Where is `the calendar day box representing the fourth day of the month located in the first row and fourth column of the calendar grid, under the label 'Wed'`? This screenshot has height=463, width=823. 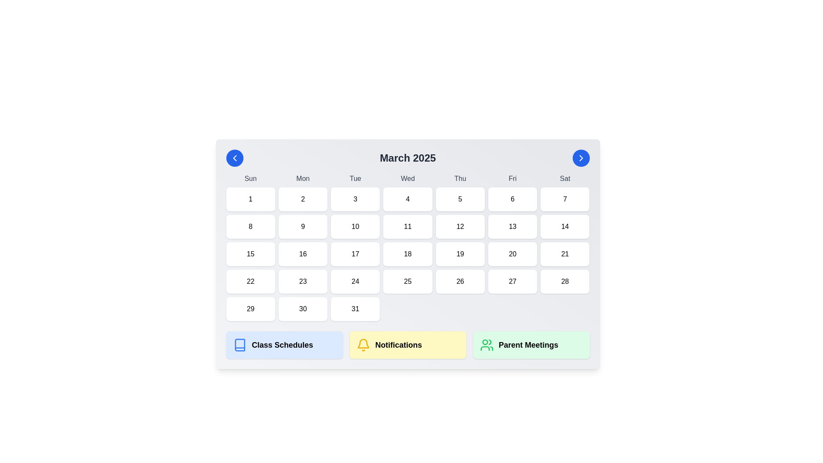 the calendar day box representing the fourth day of the month located in the first row and fourth column of the calendar grid, under the label 'Wed' is located at coordinates (407, 199).